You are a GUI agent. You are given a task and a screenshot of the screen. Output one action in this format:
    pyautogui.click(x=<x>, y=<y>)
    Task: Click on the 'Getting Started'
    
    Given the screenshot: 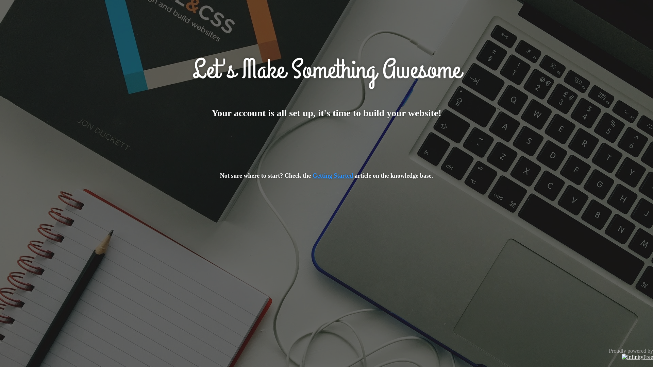 What is the action you would take?
    pyautogui.click(x=333, y=175)
    